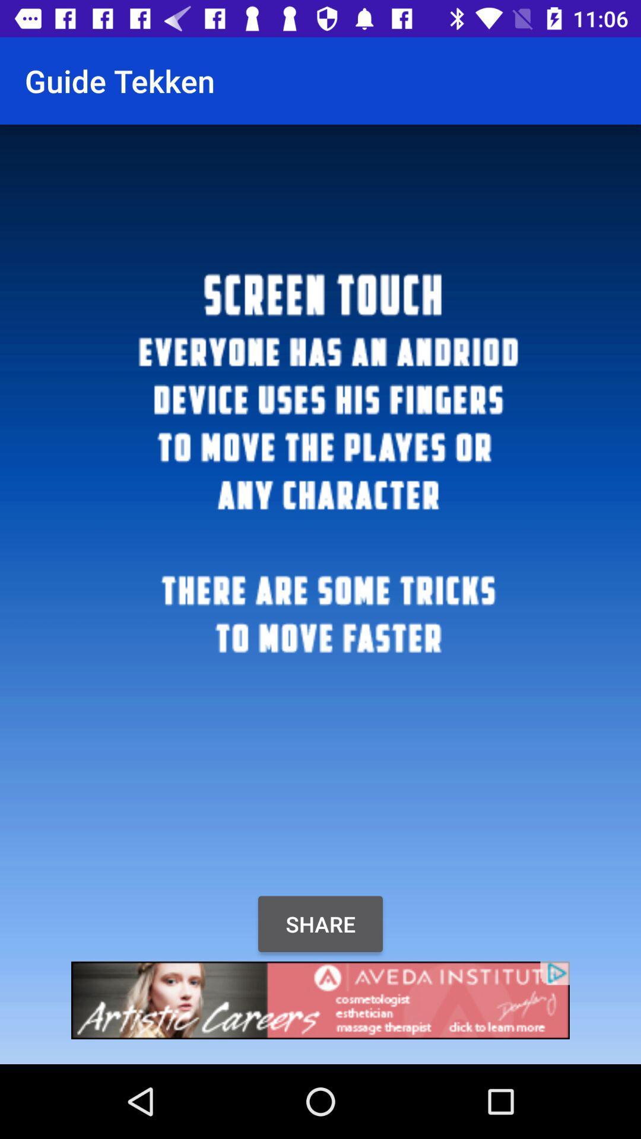 The width and height of the screenshot is (641, 1139). I want to click on advert banner, so click(320, 1000).